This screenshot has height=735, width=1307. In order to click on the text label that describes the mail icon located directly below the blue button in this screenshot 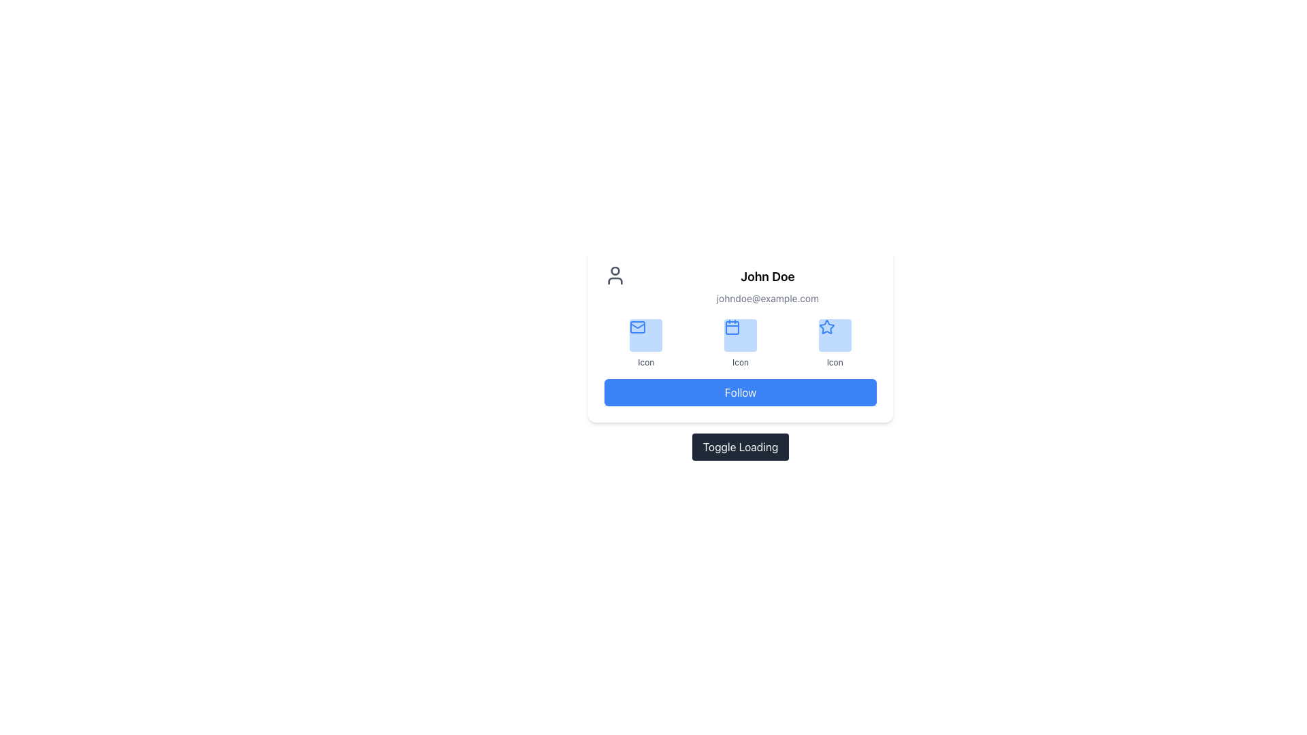, I will do `click(645, 361)`.